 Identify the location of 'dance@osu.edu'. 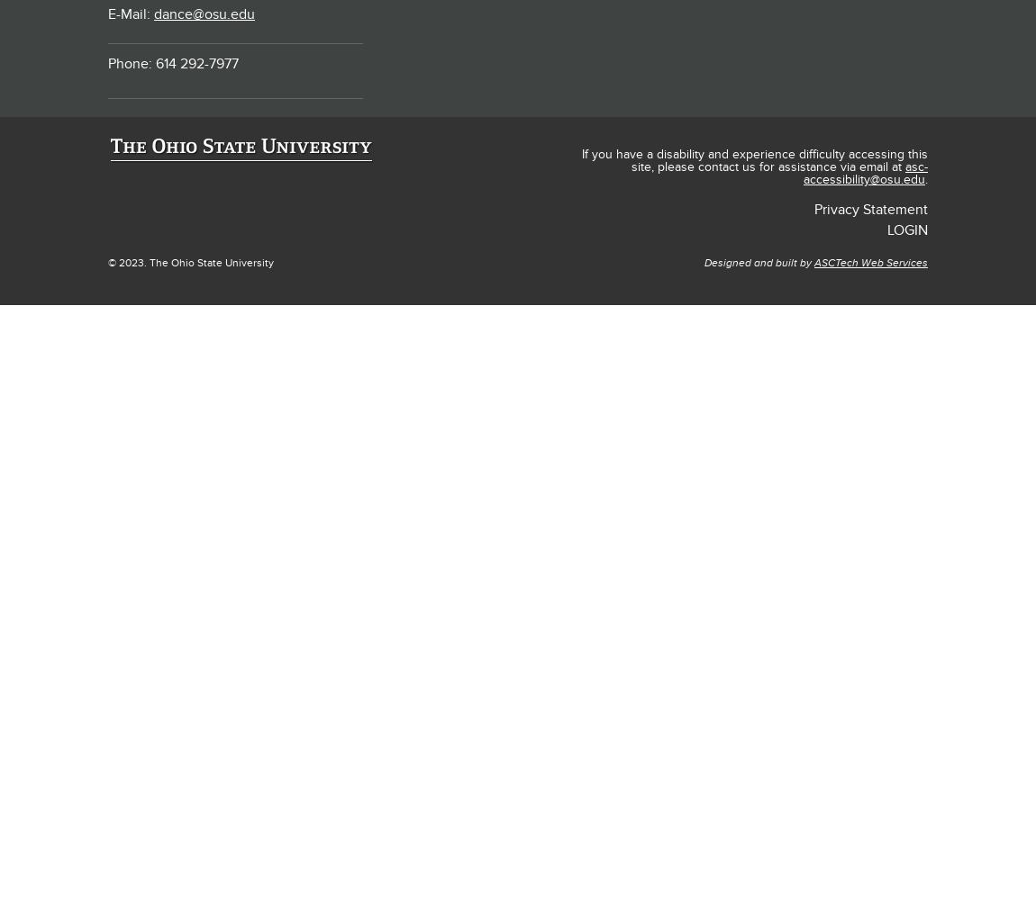
(204, 14).